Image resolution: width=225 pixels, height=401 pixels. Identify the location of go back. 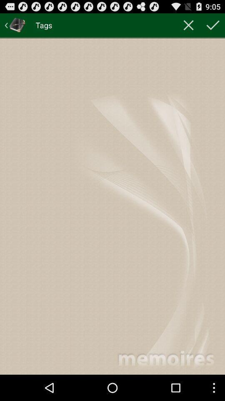
(15, 25).